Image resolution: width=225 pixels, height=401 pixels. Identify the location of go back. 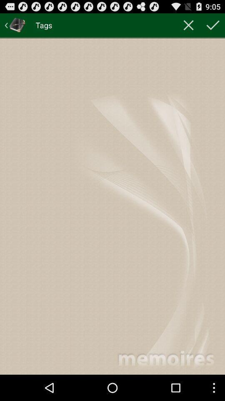
(15, 25).